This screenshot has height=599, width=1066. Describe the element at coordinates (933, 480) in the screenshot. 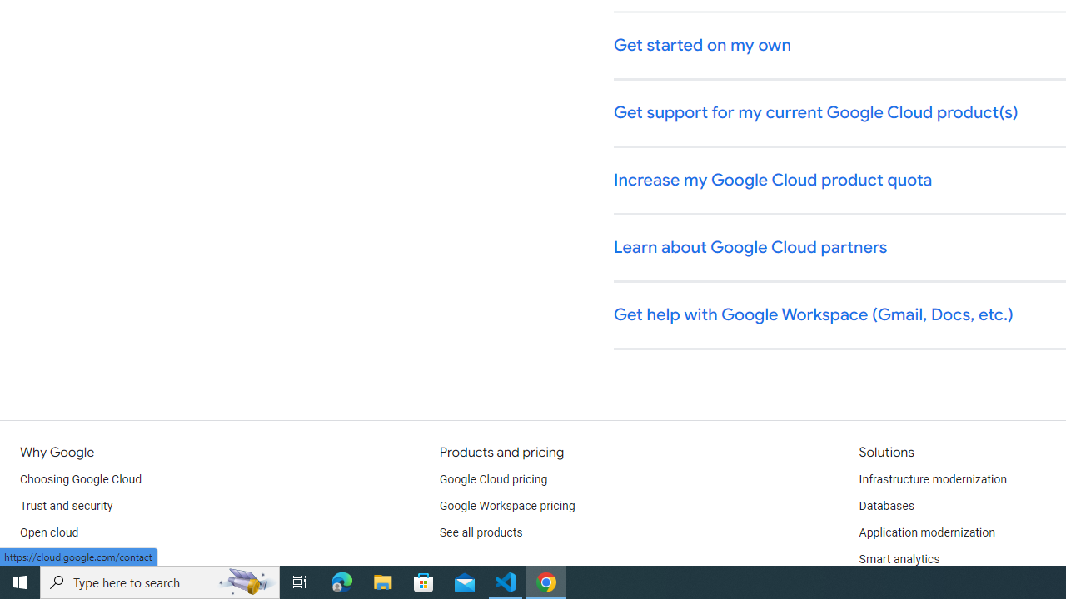

I see `'Infrastructure modernization'` at that location.